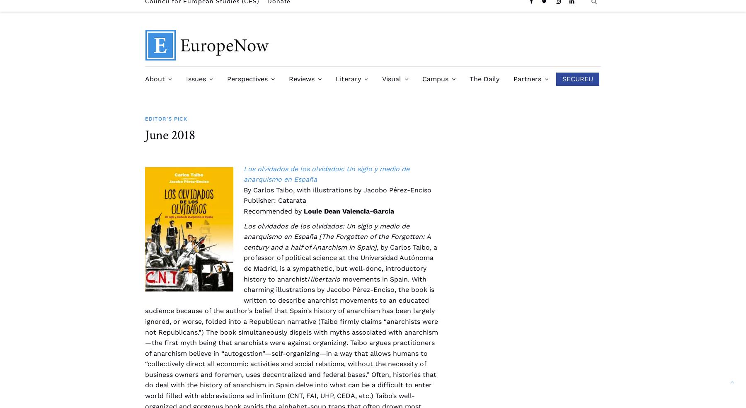 This screenshot has height=408, width=746. Describe the element at coordinates (261, 227) in the screenshot. I see `'CES Past Conference Dispatches'` at that location.